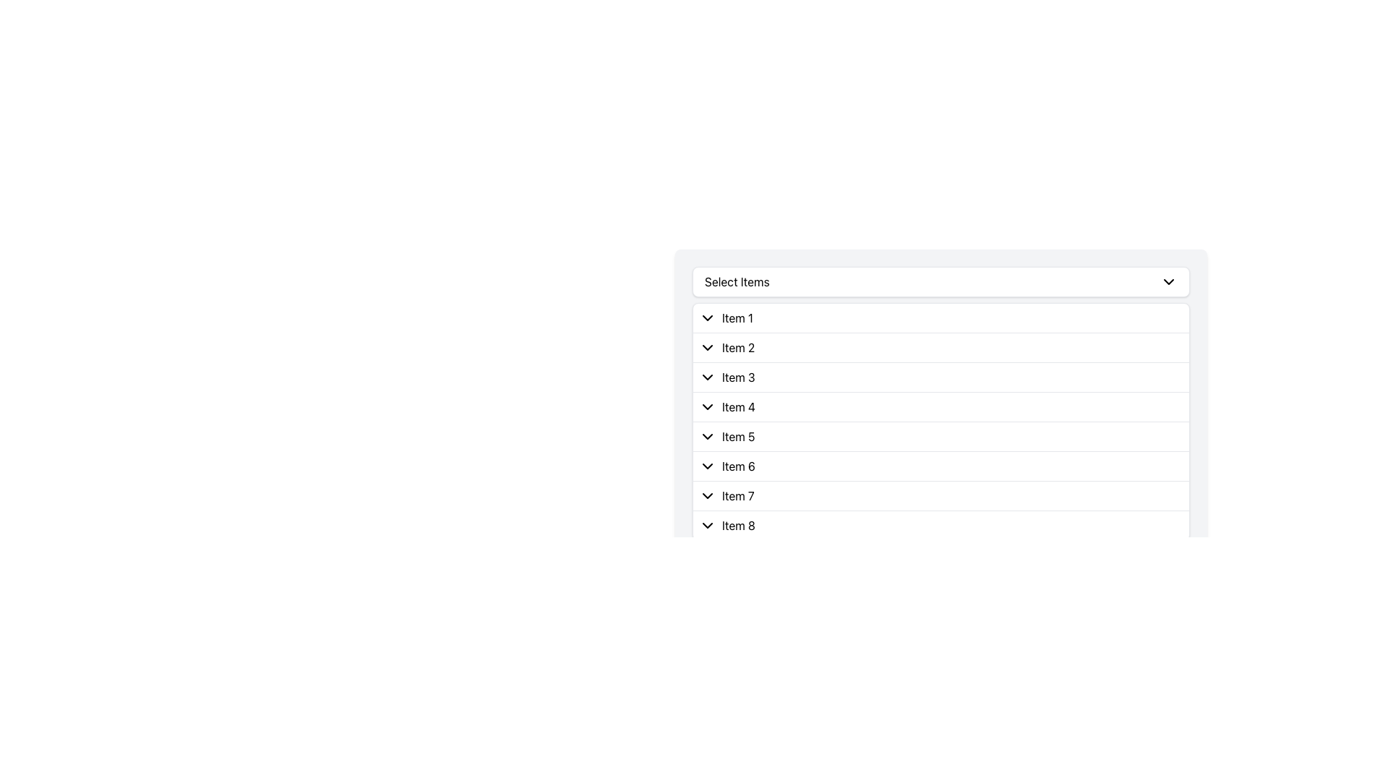 This screenshot has width=1388, height=781. I want to click on the text label 'Item 4' in the dropdown list, so click(739, 407).